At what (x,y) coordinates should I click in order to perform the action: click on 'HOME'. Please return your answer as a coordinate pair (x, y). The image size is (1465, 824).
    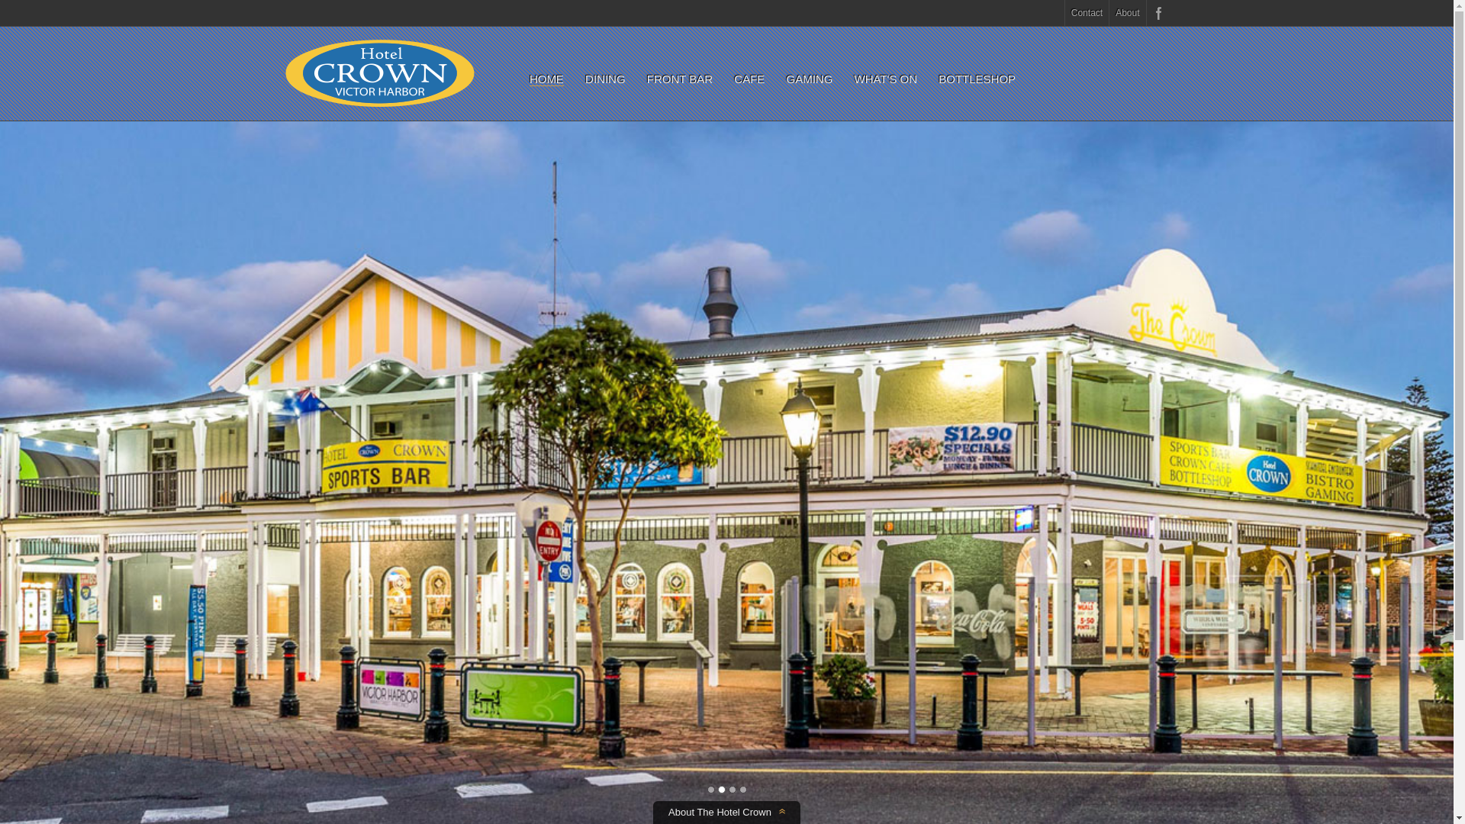
    Looking at the image, I should click on (530, 79).